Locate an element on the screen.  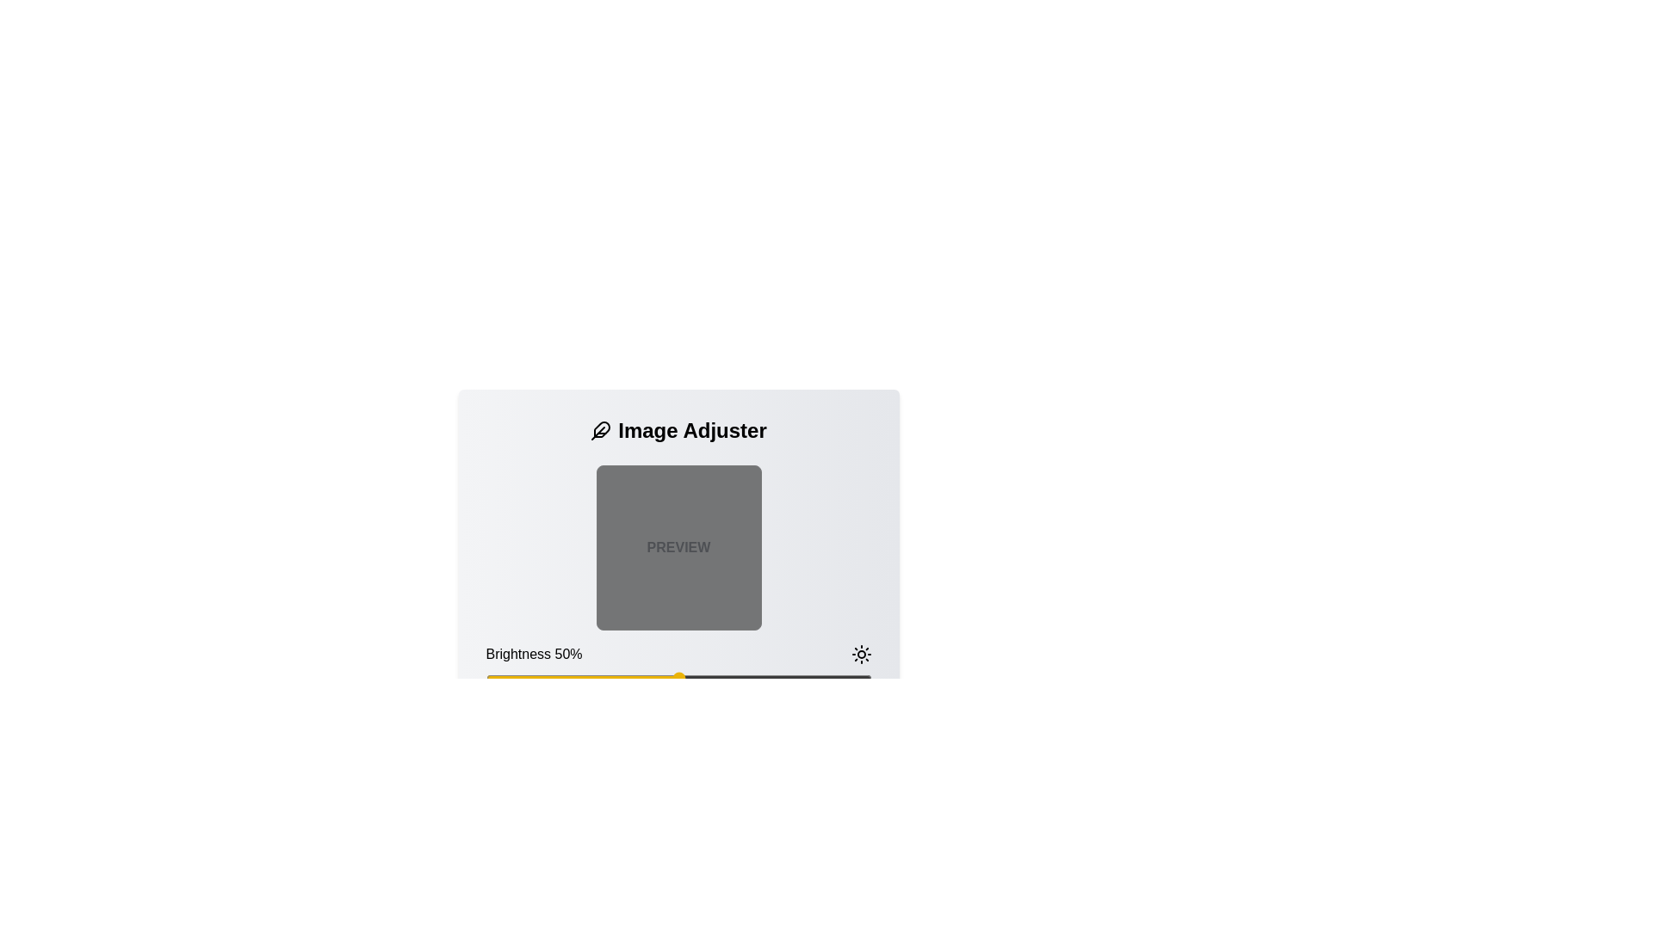
the brightness adjustment icon located at the far right of the 'Brightness 50%' section is located at coordinates (861, 654).